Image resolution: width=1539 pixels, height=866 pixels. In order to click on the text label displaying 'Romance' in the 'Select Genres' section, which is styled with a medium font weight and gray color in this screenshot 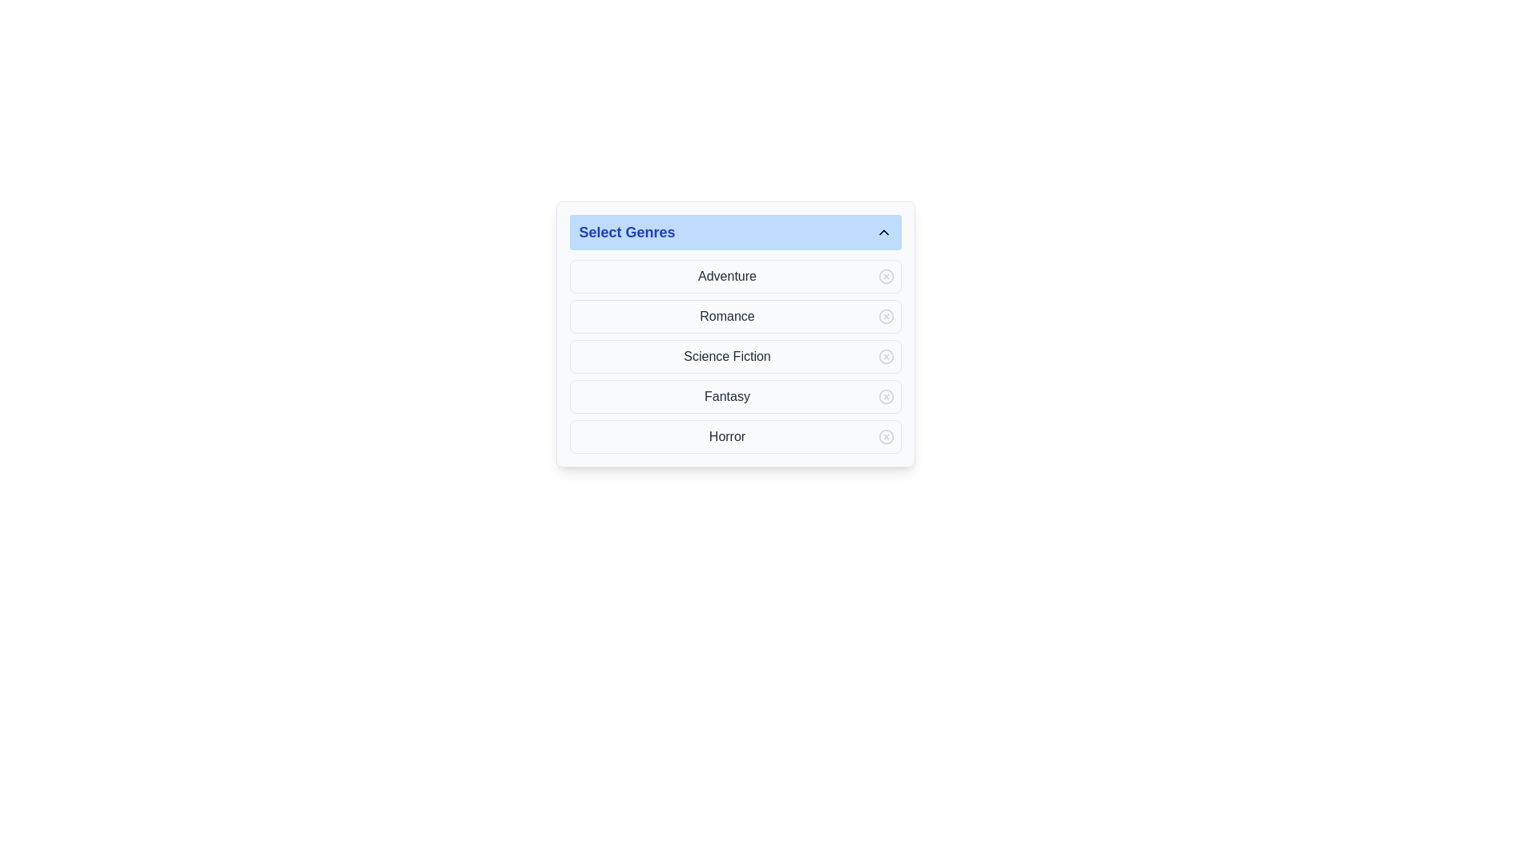, I will do `click(726, 316)`.